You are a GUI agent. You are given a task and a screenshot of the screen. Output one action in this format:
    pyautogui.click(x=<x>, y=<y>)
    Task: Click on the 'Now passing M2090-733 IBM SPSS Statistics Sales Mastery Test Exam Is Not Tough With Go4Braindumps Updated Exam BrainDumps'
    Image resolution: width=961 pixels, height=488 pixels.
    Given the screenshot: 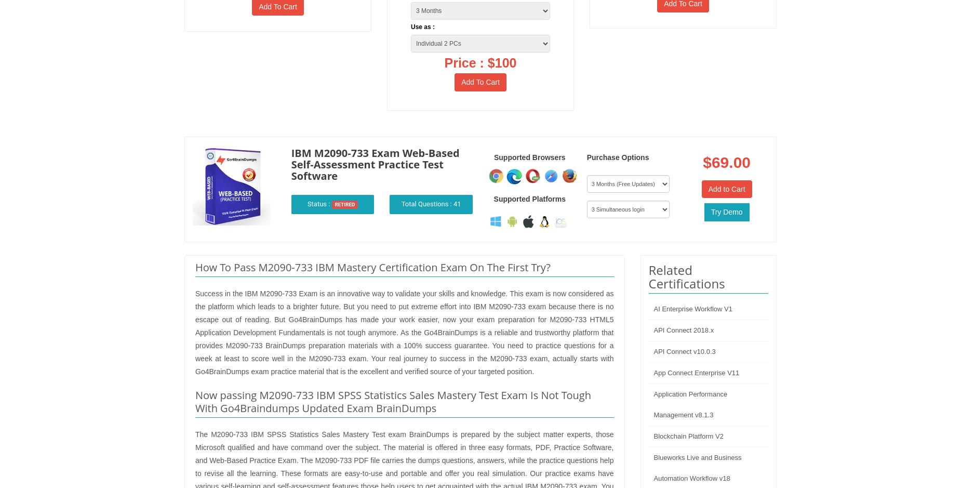 What is the action you would take?
    pyautogui.click(x=393, y=401)
    